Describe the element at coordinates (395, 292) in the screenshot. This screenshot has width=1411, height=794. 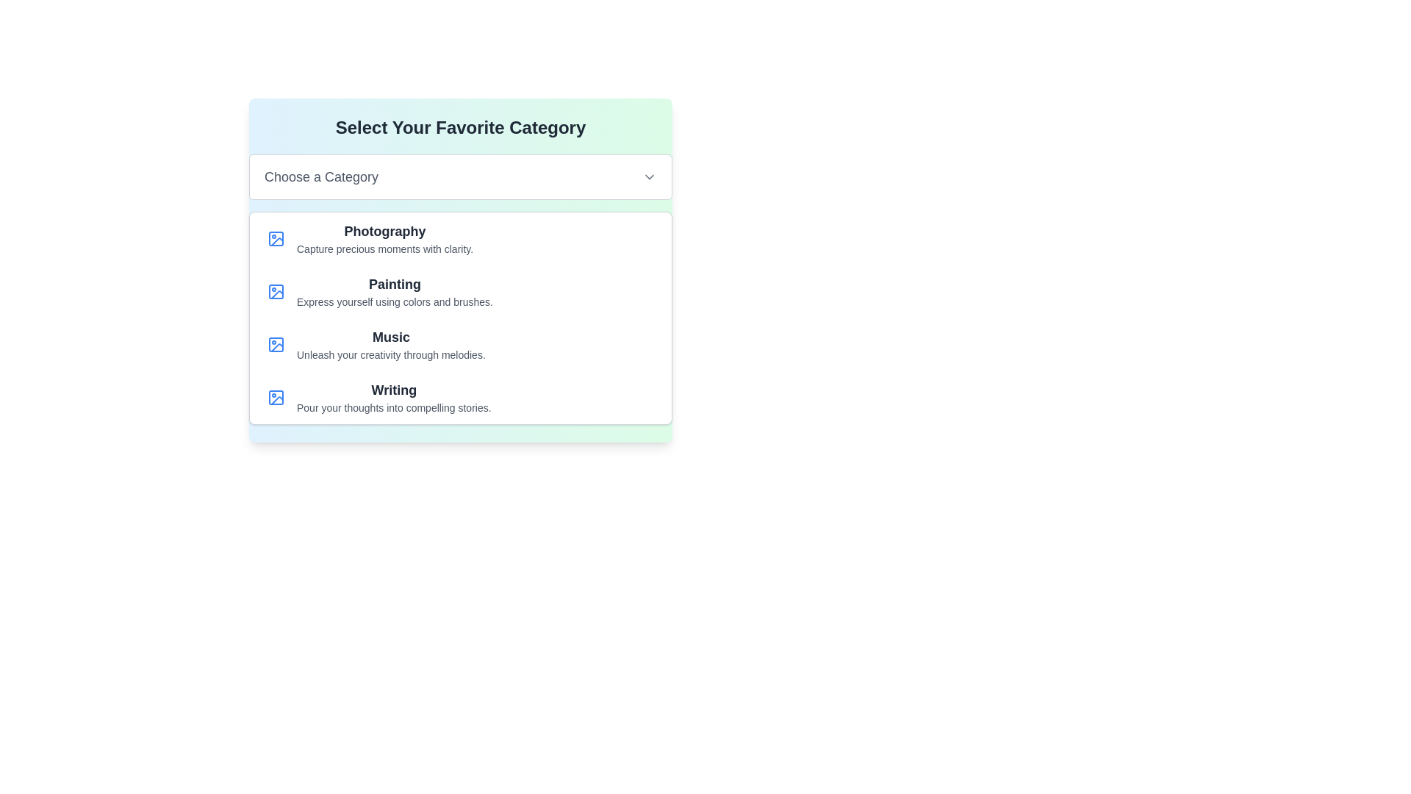
I see `the Text Block labeled 'Painting' that provides a brief description of the category, positioned between 'Photography' and 'Music' in the interface` at that location.